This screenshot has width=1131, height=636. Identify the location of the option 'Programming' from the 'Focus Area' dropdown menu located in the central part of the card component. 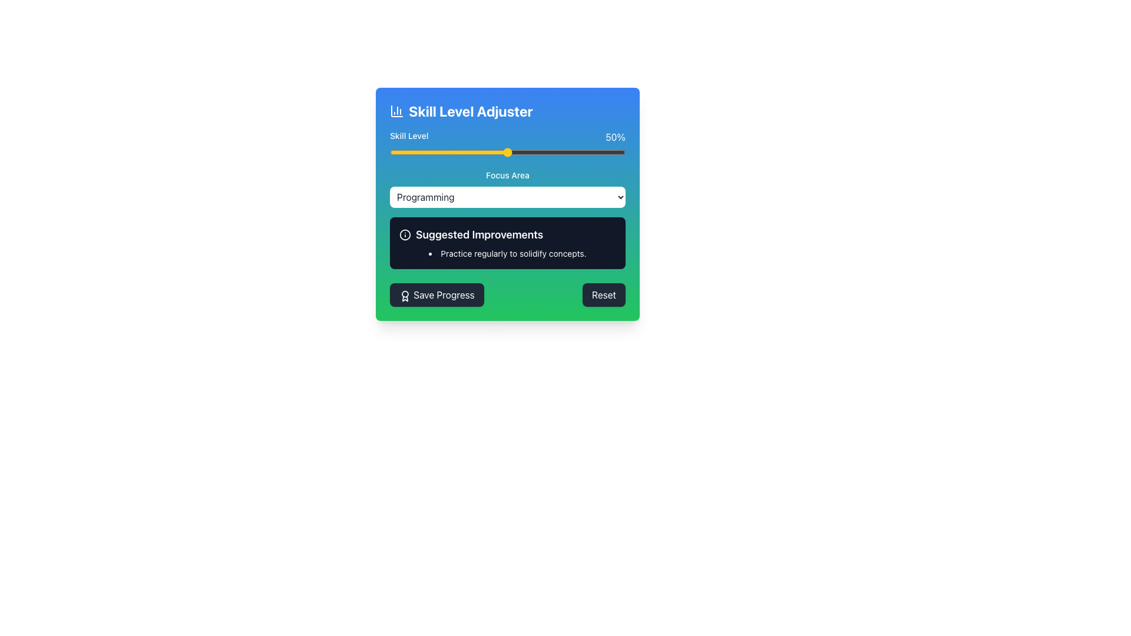
(508, 187).